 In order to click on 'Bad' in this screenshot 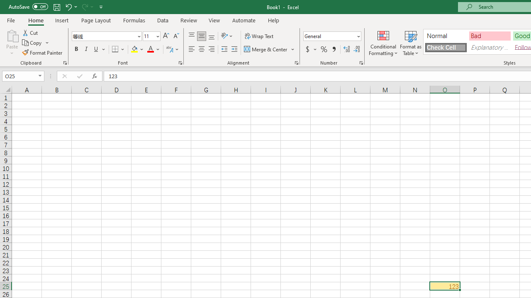, I will do `click(490, 35)`.